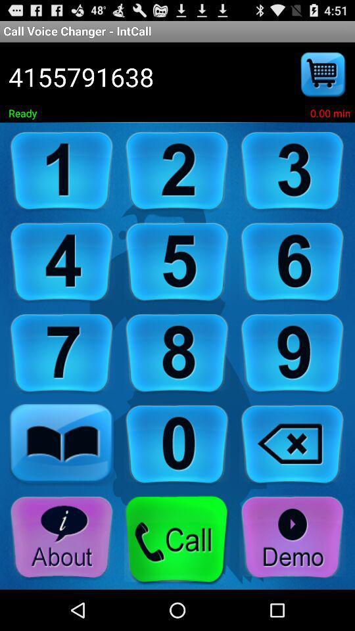 The height and width of the screenshot is (631, 355). What do you see at coordinates (61, 353) in the screenshot?
I see `input number 7` at bounding box center [61, 353].